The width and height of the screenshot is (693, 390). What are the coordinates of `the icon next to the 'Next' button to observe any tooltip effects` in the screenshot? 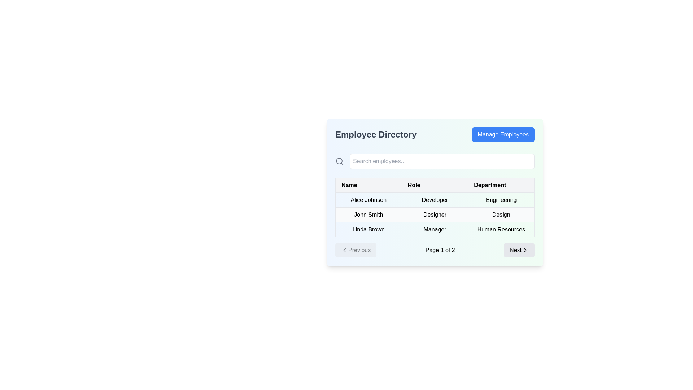 It's located at (525, 250).